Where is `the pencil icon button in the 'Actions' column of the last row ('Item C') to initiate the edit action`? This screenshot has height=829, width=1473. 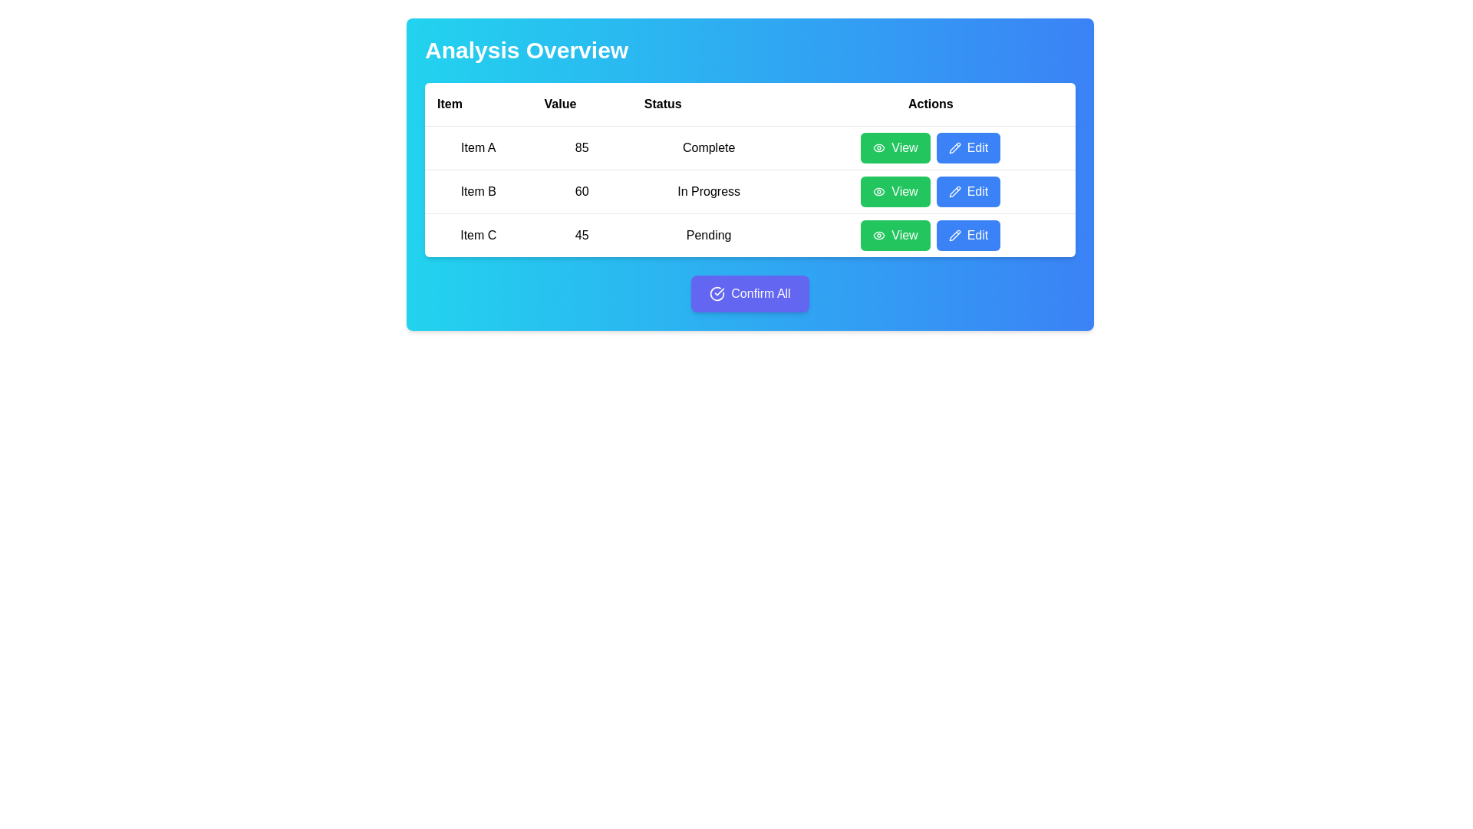
the pencil icon button in the 'Actions' column of the last row ('Item C') to initiate the edit action is located at coordinates (954, 236).